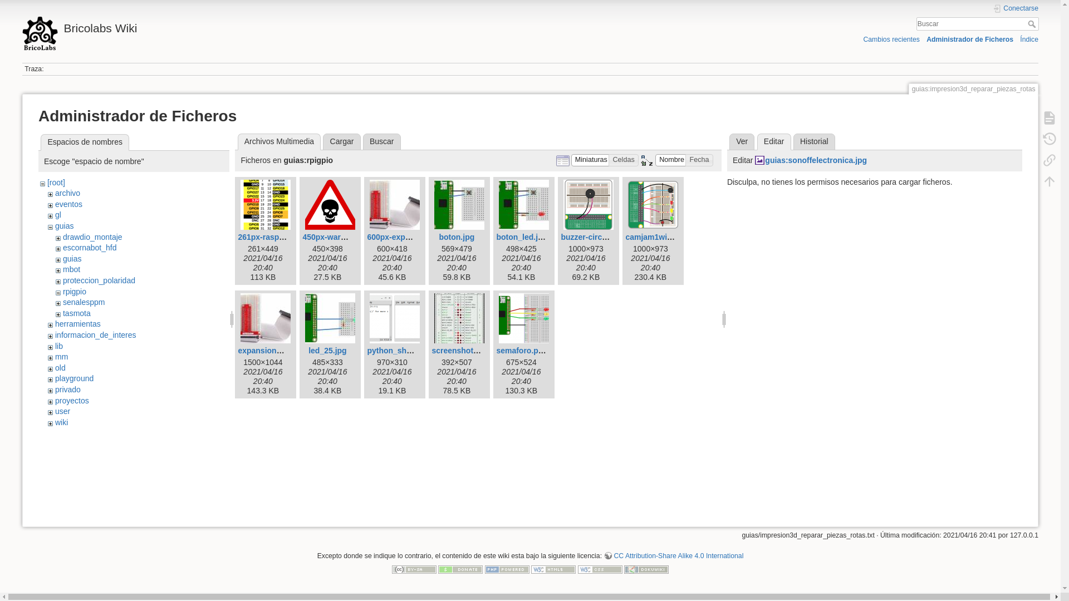 The width and height of the screenshot is (1069, 601). Describe the element at coordinates (60, 367) in the screenshot. I see `'old'` at that location.